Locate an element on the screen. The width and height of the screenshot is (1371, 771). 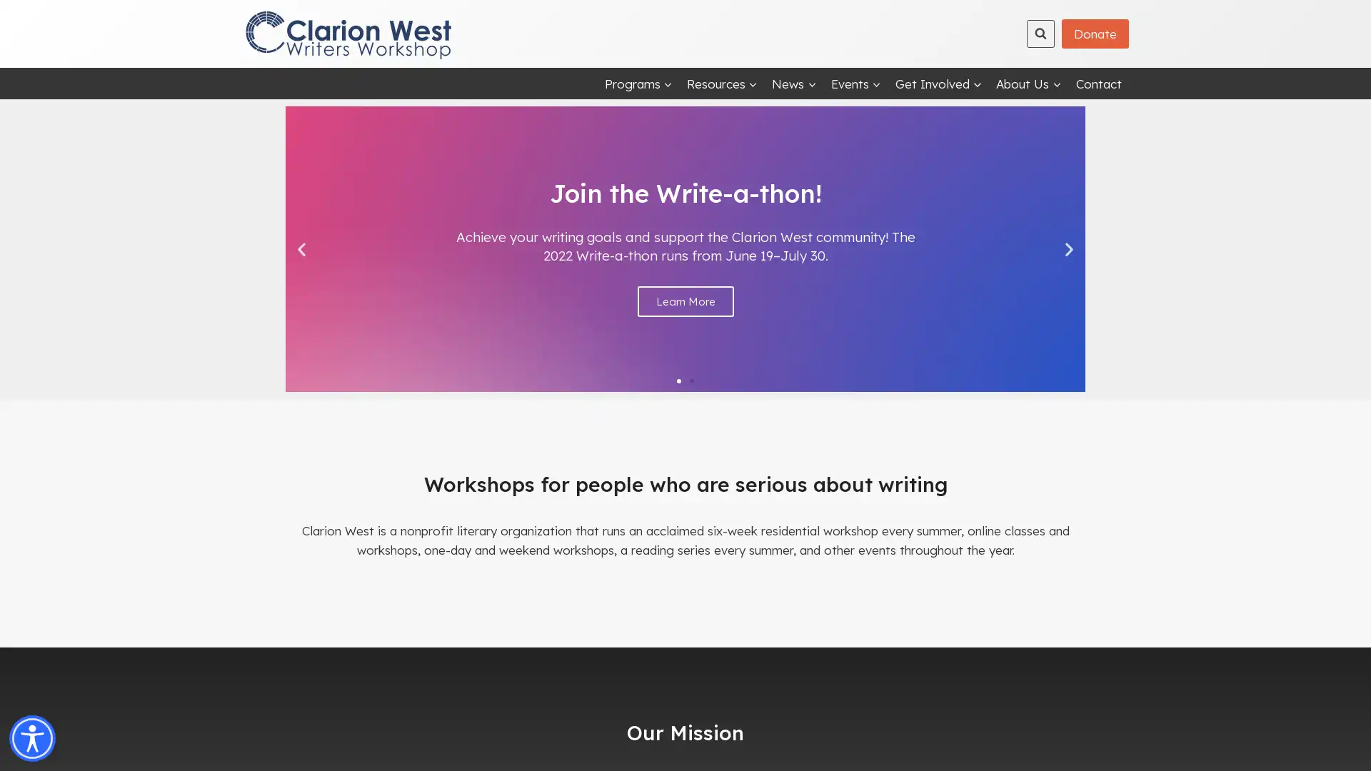
Expand child menu is located at coordinates (855, 83).